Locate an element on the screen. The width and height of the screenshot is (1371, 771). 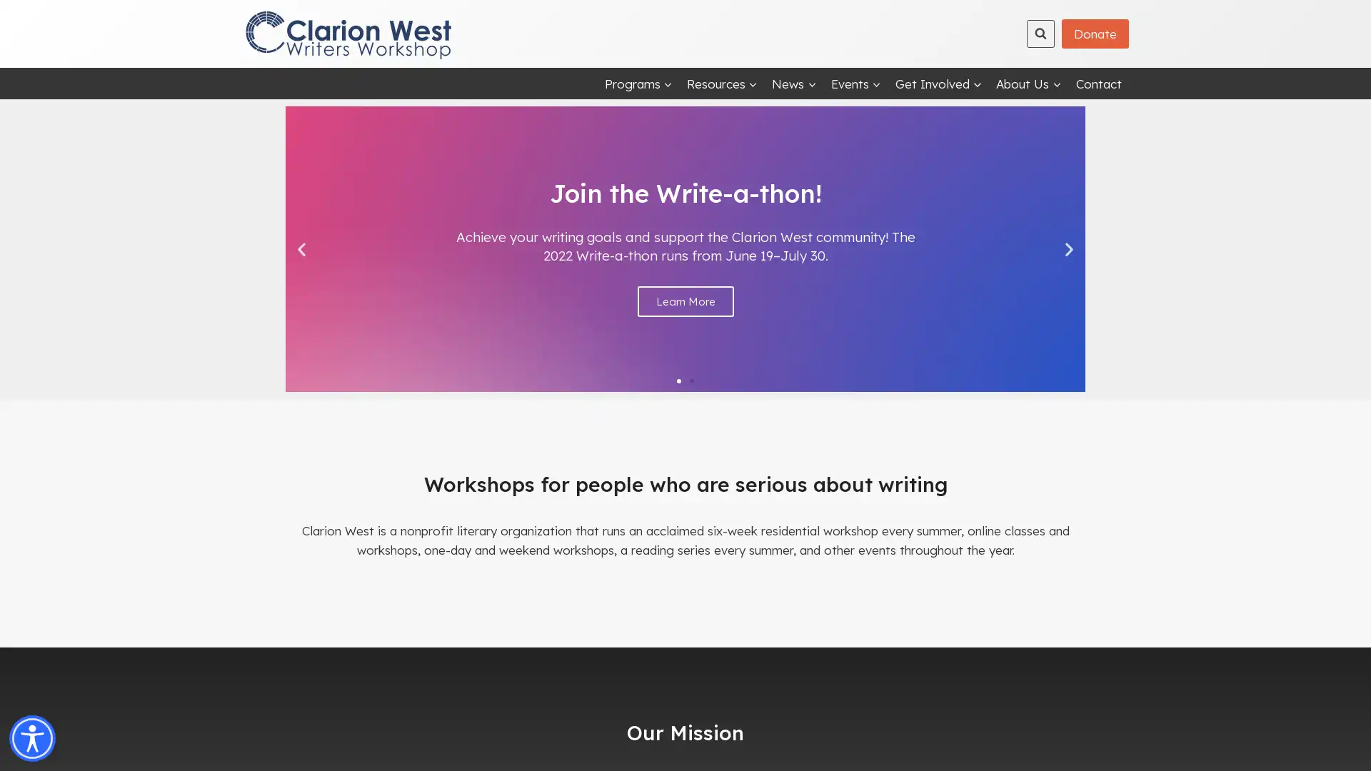
Expand child menu is located at coordinates (855, 83).